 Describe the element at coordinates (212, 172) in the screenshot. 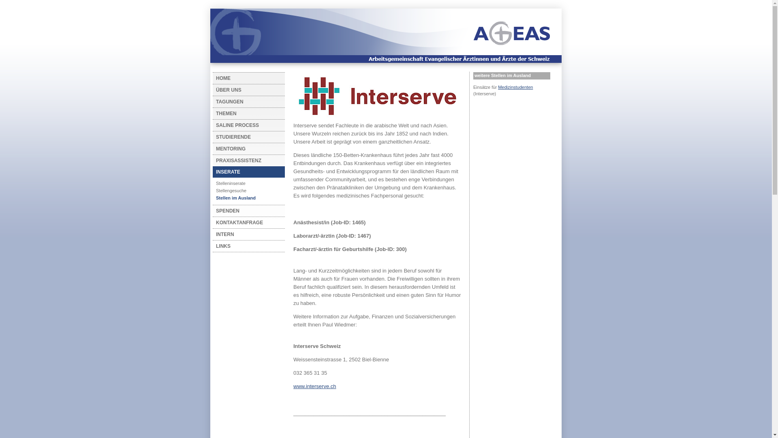

I see `'INSERATE'` at that location.